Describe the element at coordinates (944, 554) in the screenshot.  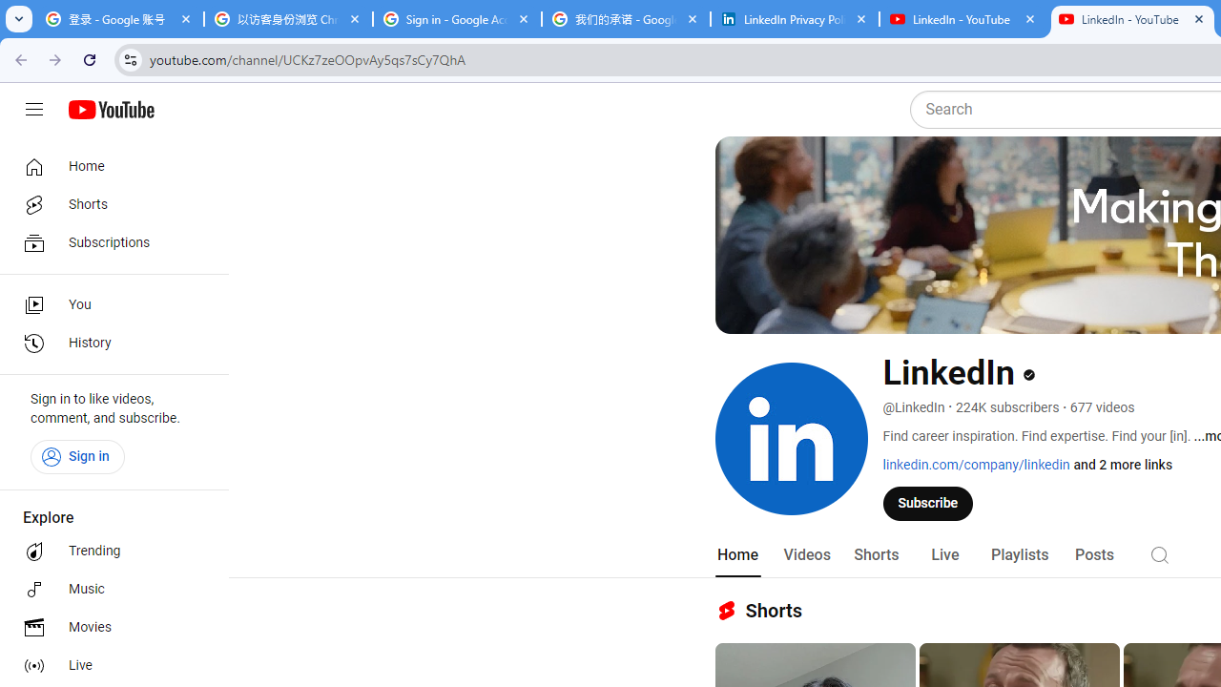
I see `'Live'` at that location.